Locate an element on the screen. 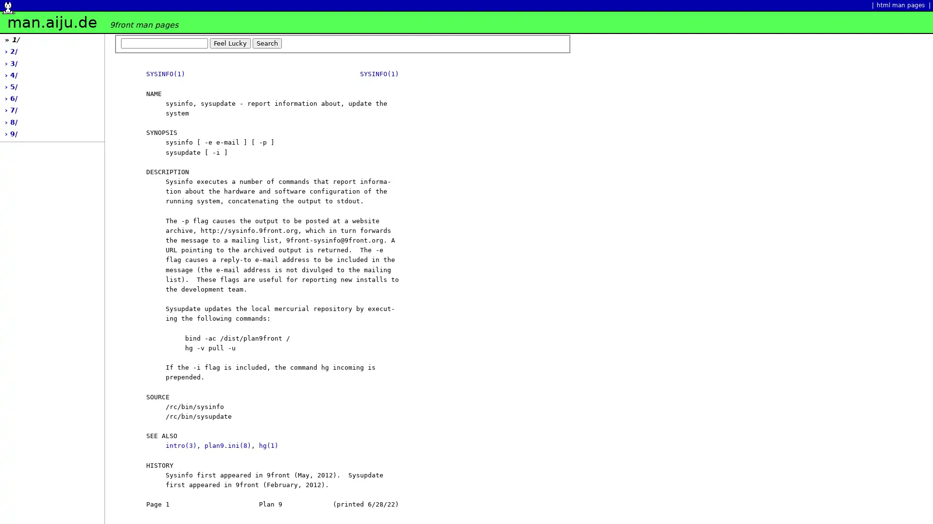 This screenshot has height=524, width=933. Search is located at coordinates (267, 42).